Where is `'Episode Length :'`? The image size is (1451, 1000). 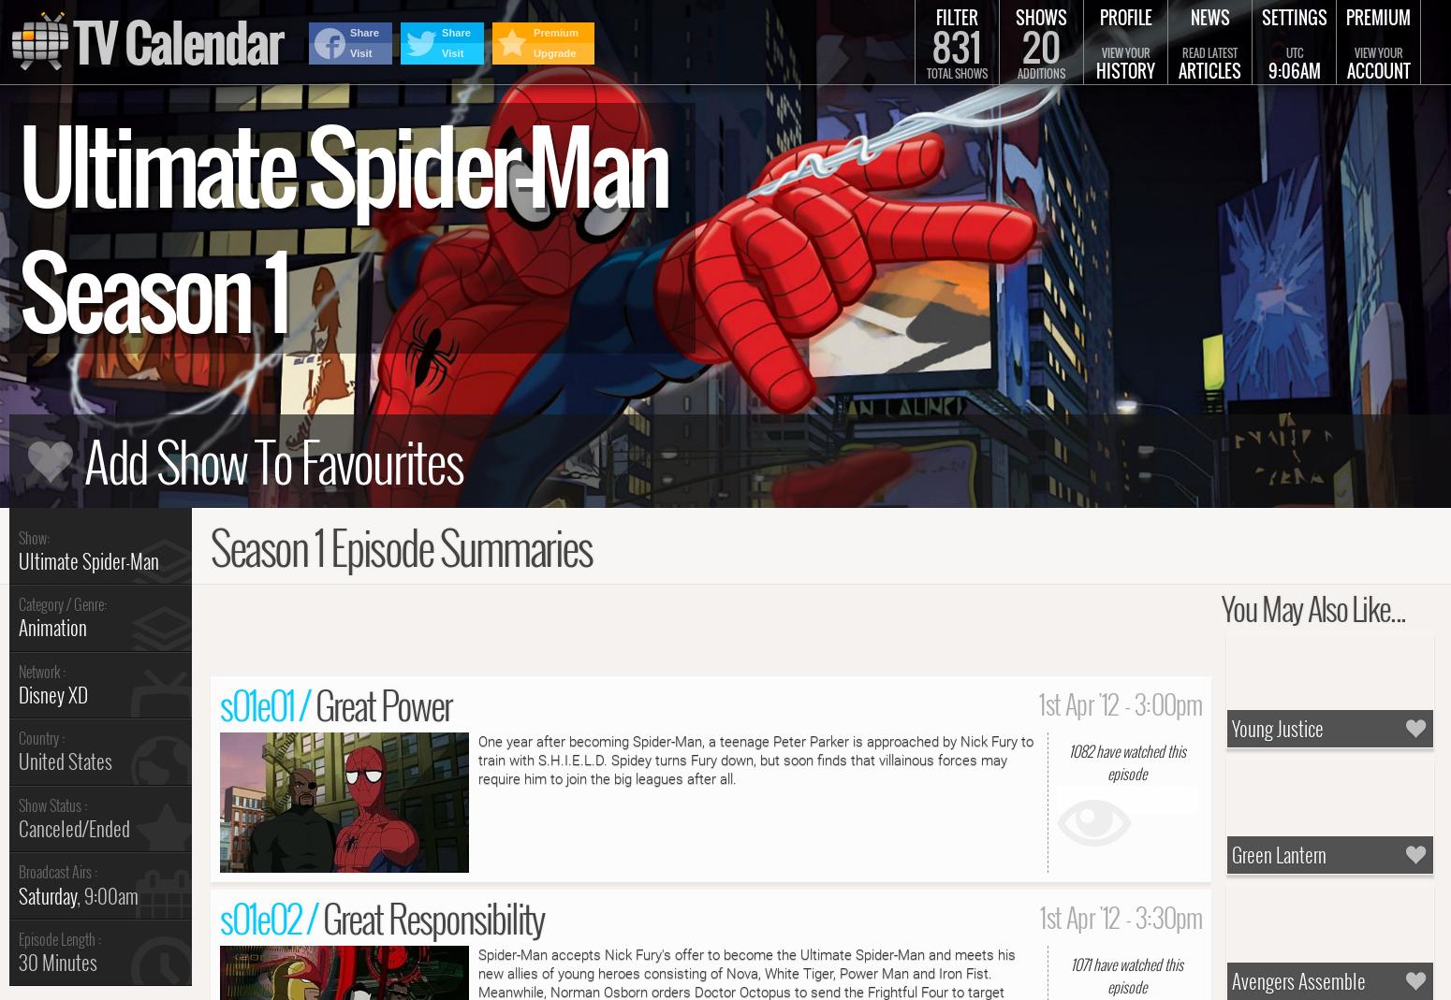 'Episode Length :' is located at coordinates (59, 938).